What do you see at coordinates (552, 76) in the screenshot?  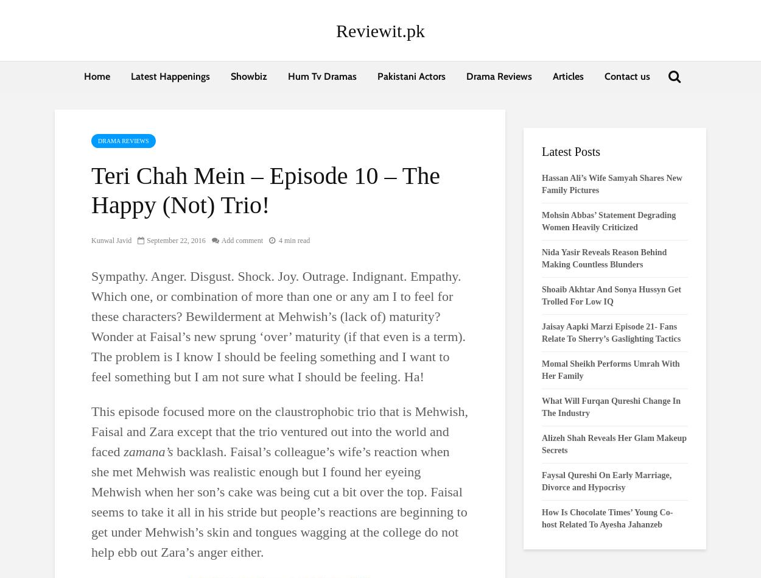 I see `'Articles'` at bounding box center [552, 76].